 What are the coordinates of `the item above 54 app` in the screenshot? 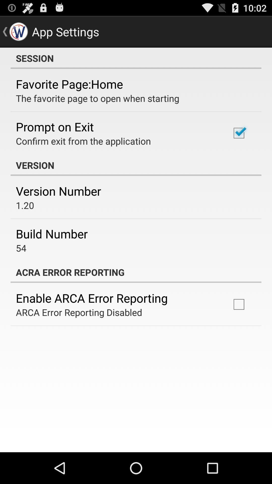 It's located at (52, 233).